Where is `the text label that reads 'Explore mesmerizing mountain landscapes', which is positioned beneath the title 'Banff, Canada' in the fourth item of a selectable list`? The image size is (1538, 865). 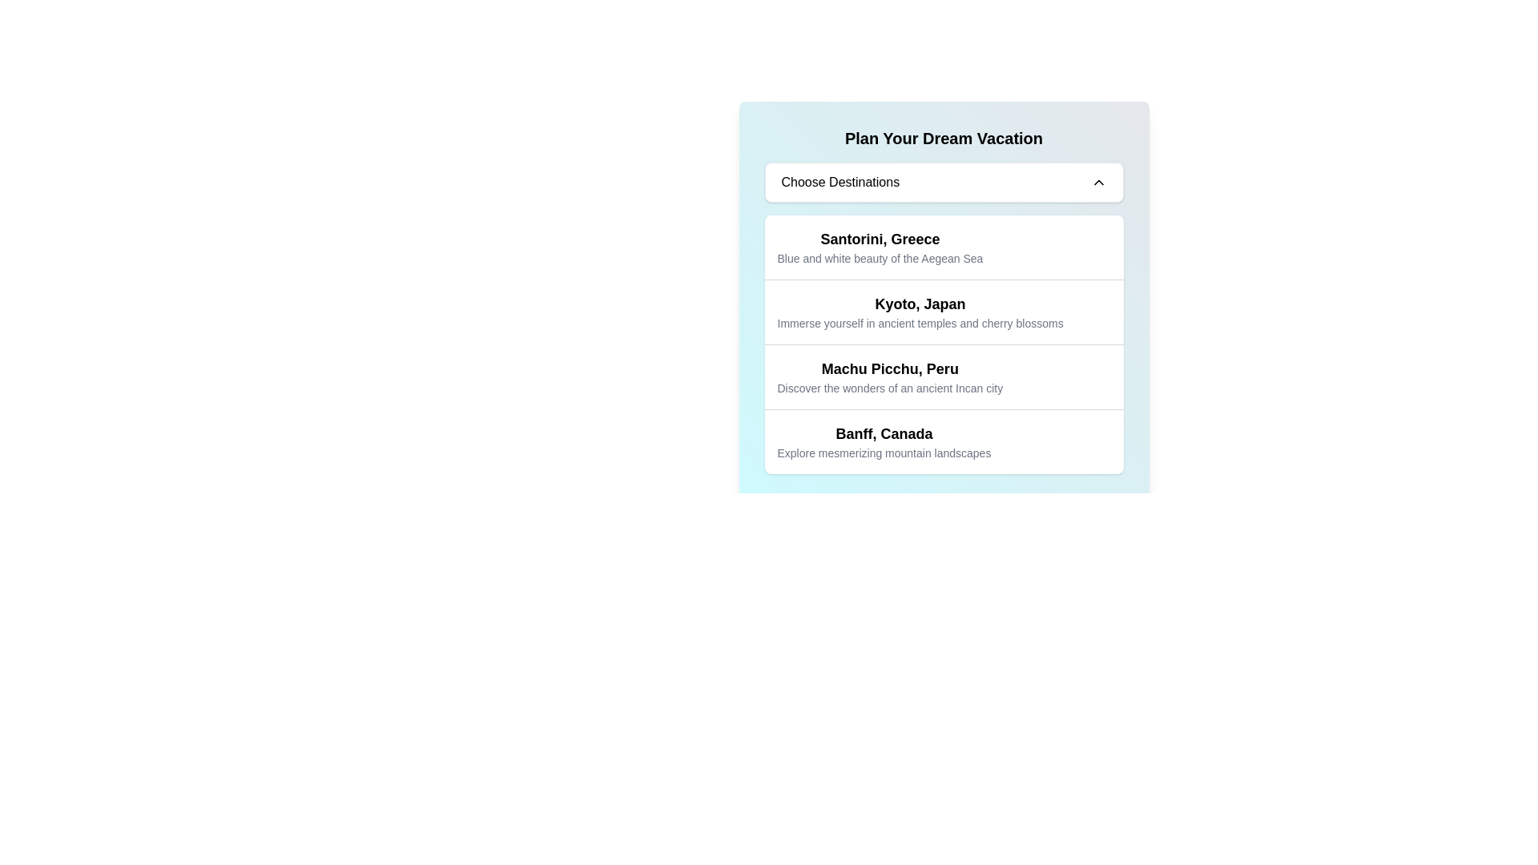
the text label that reads 'Explore mesmerizing mountain landscapes', which is positioned beneath the title 'Banff, Canada' in the fourth item of a selectable list is located at coordinates (884, 453).